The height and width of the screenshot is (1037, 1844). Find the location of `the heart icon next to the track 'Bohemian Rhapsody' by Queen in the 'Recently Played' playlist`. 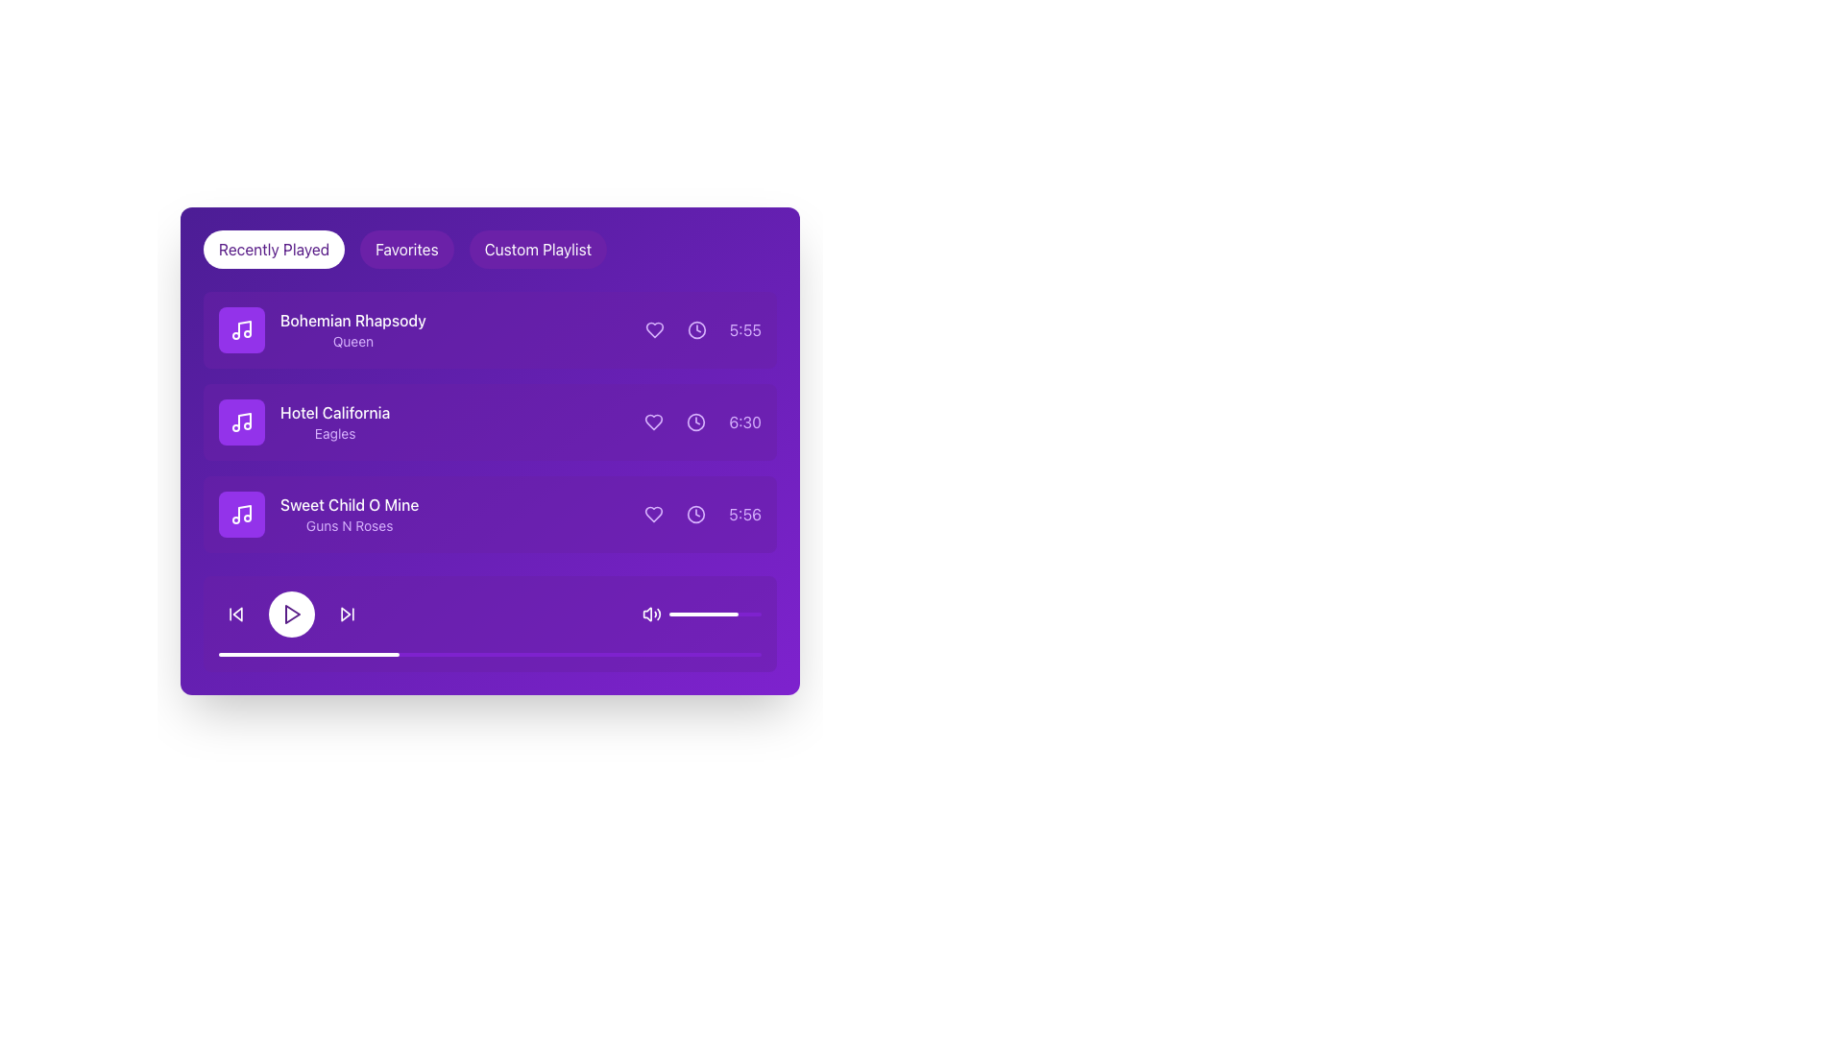

the heart icon next to the track 'Bohemian Rhapsody' by Queen in the 'Recently Played' playlist is located at coordinates (654, 328).